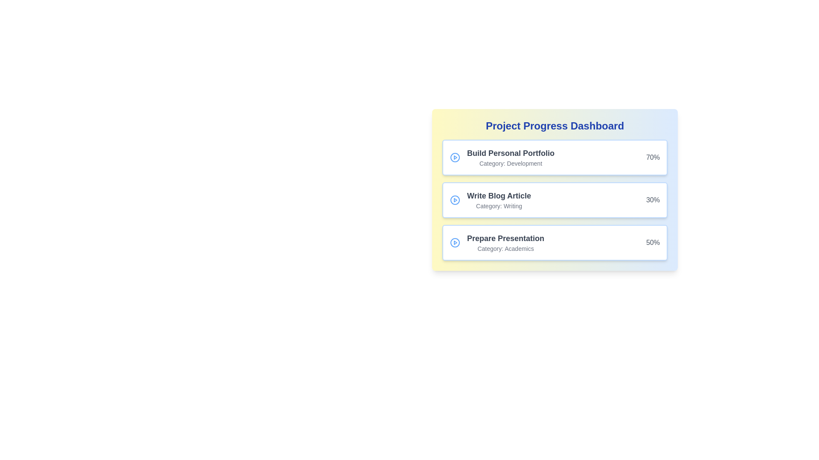 This screenshot has height=460, width=819. Describe the element at coordinates (505, 238) in the screenshot. I see `the static text label indicating the title of the third task card in the dashboard` at that location.